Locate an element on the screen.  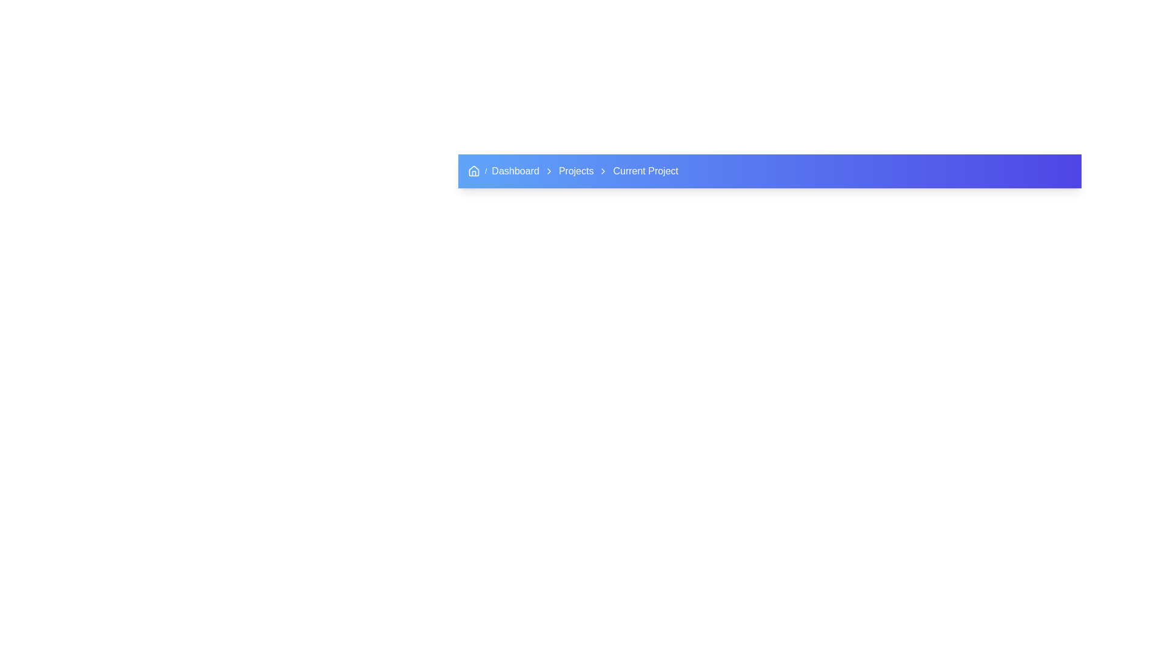
the Breadcrumb navigation bar located at the top-middle of the application, which displays the current location within the hierarchy is located at coordinates (769, 171).